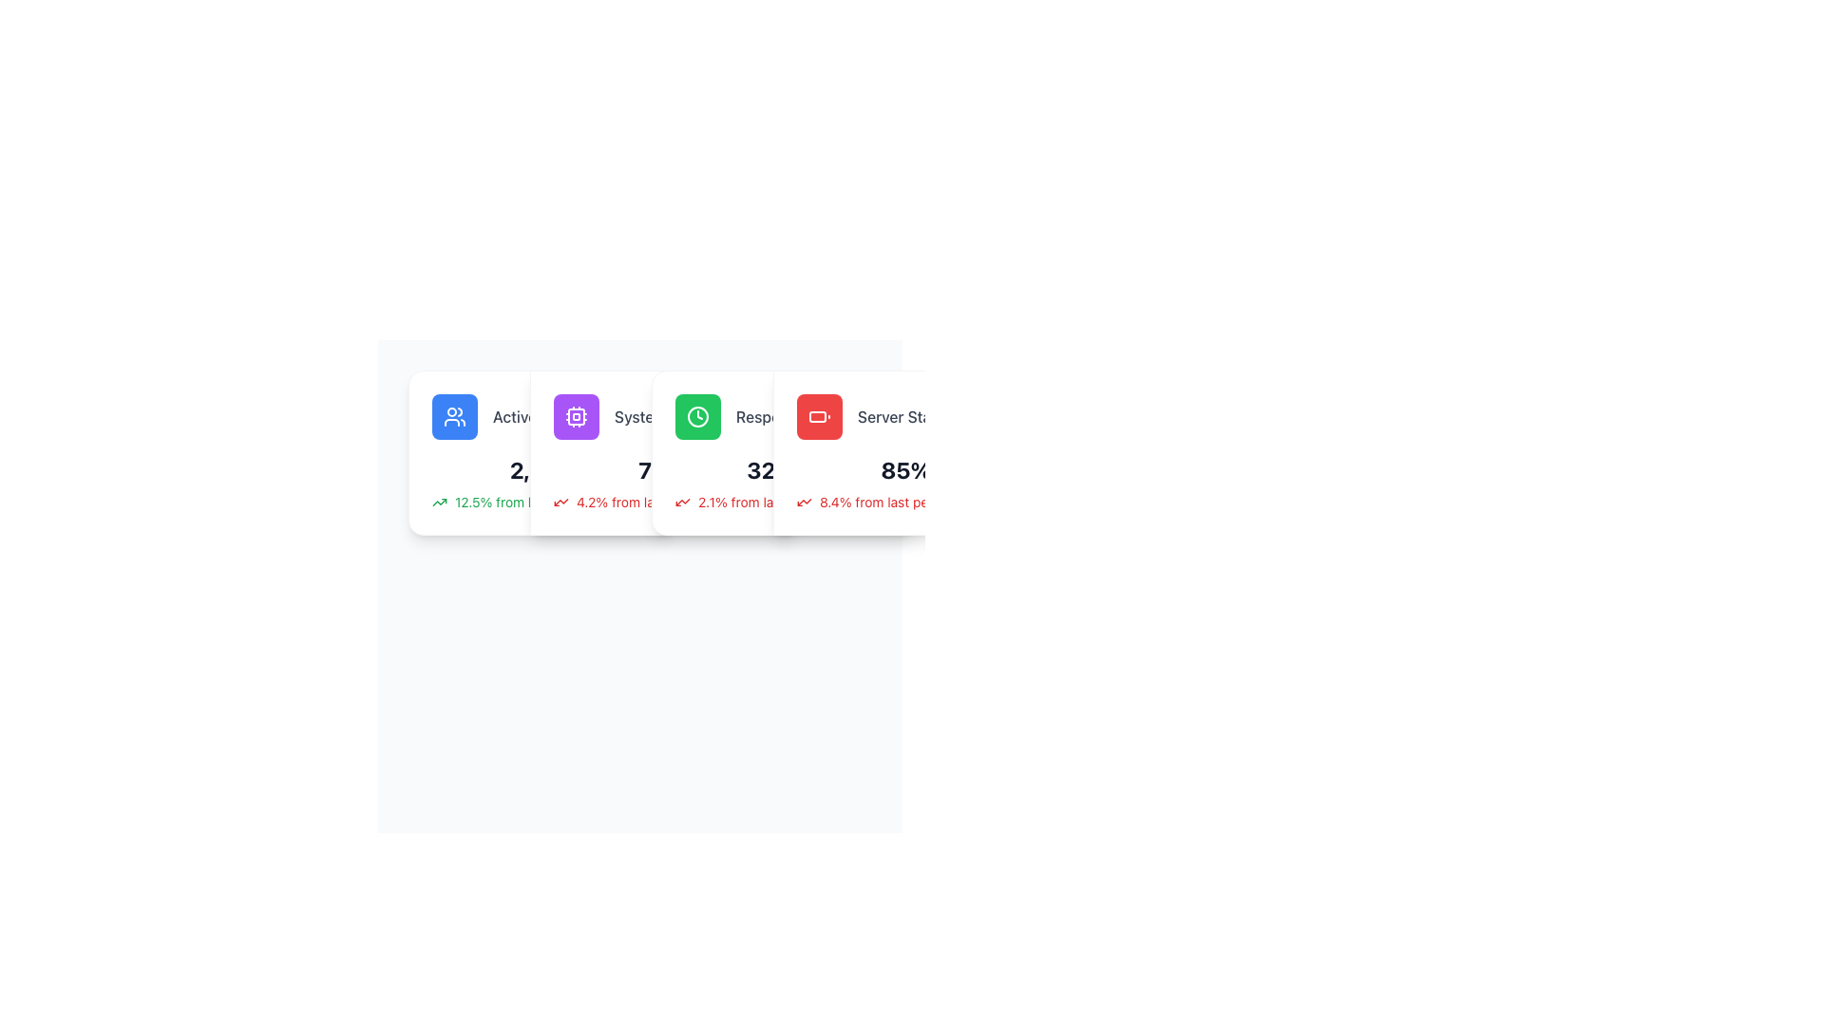 This screenshot has width=1824, height=1026. Describe the element at coordinates (784, 453) in the screenshot. I see `the Informational Card that displays application response time metrics, positioned as the third card in a horizontal sequence` at that location.